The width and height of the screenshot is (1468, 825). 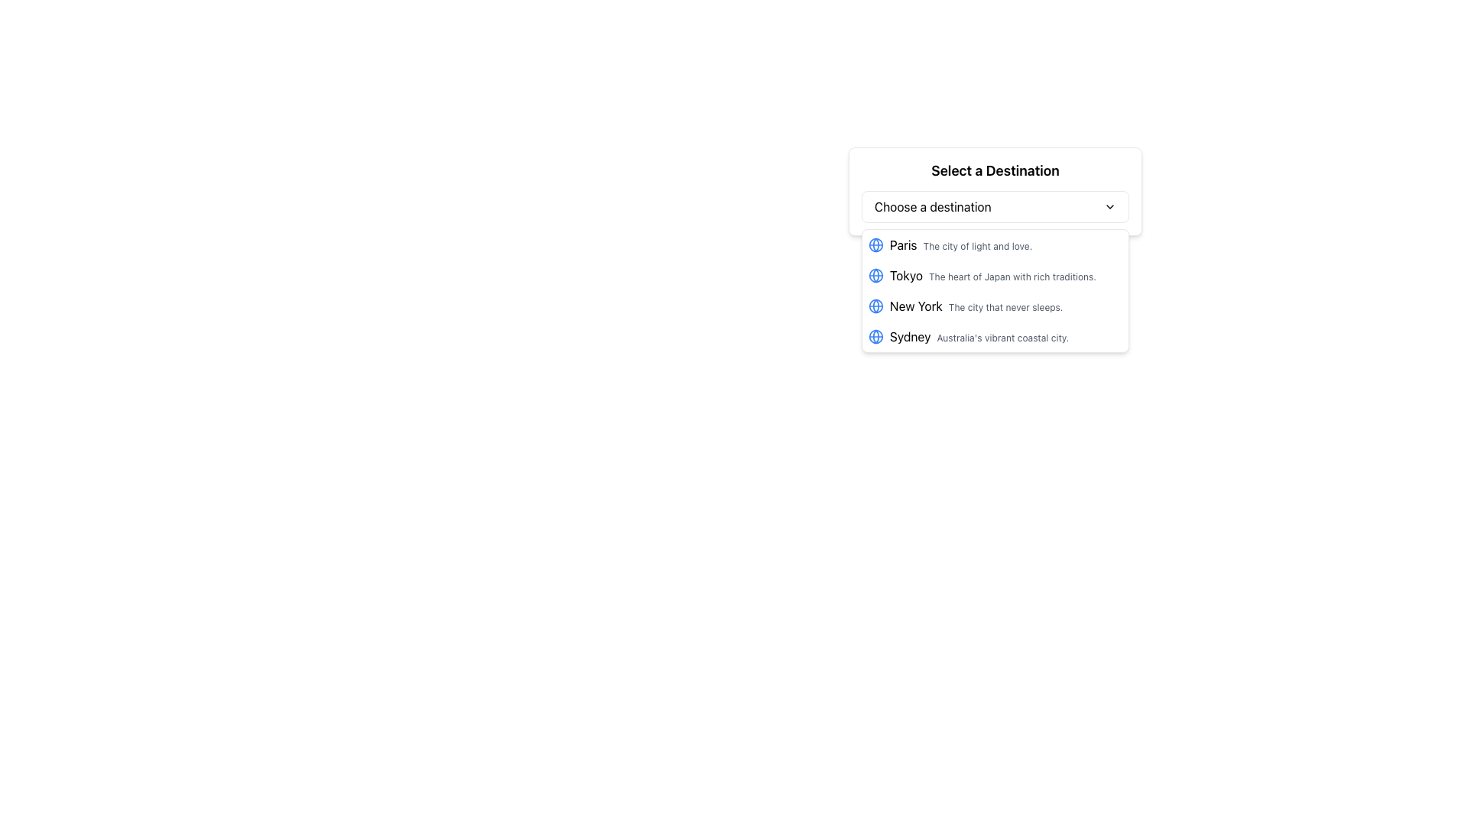 I want to click on the 'New York' option in the dropdown menu labeled 'Select a Destination', so click(x=995, y=306).